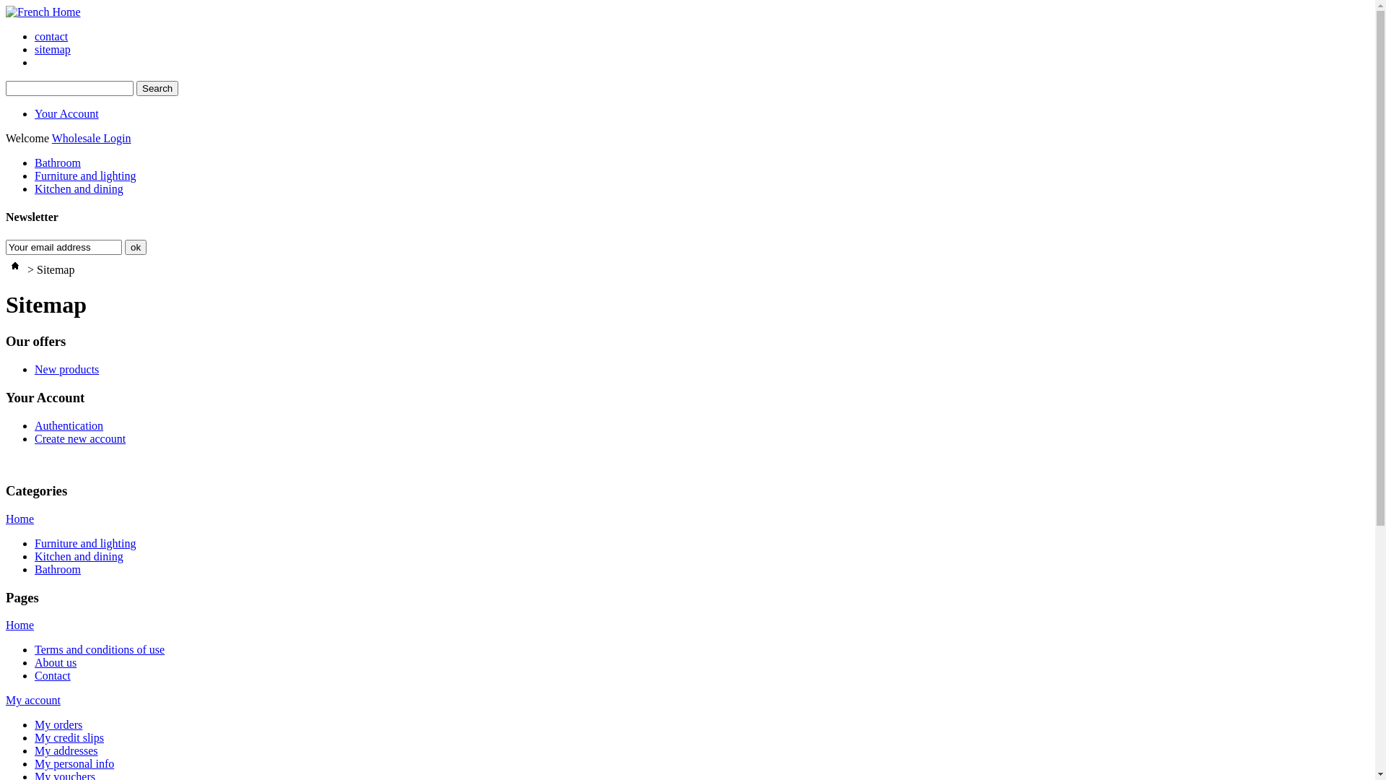 Image resolution: width=1386 pixels, height=780 pixels. Describe the element at coordinates (58, 724) in the screenshot. I see `'My orders'` at that location.